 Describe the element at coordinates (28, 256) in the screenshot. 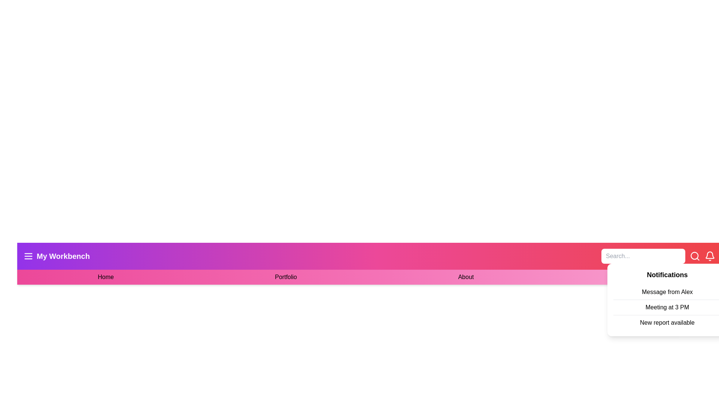

I see `the navigation drawer icon located to the left of the 'My Workbench' text in the top-left corner of the interface` at that location.